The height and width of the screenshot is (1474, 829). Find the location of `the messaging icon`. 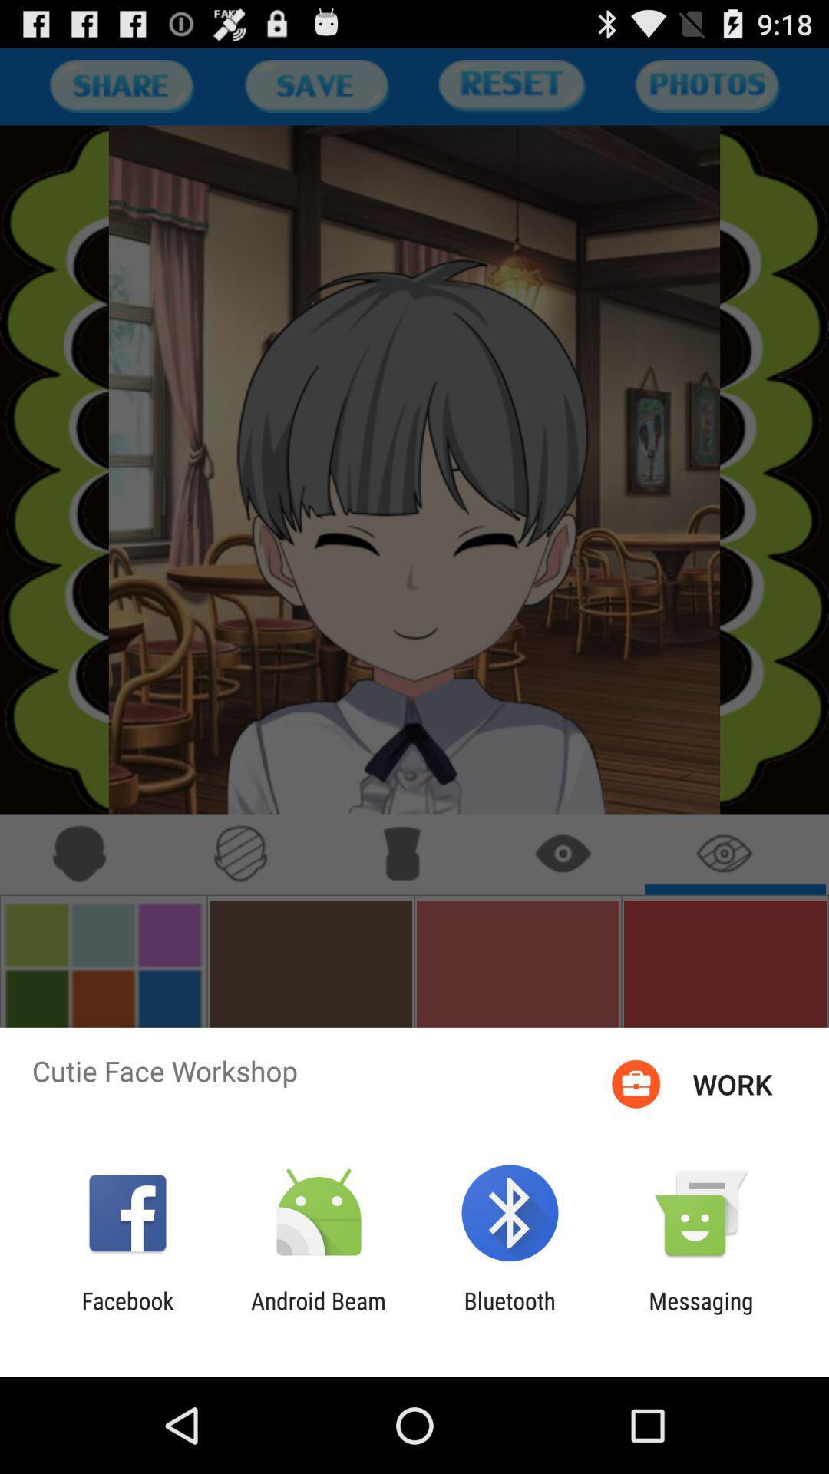

the messaging icon is located at coordinates (701, 1314).